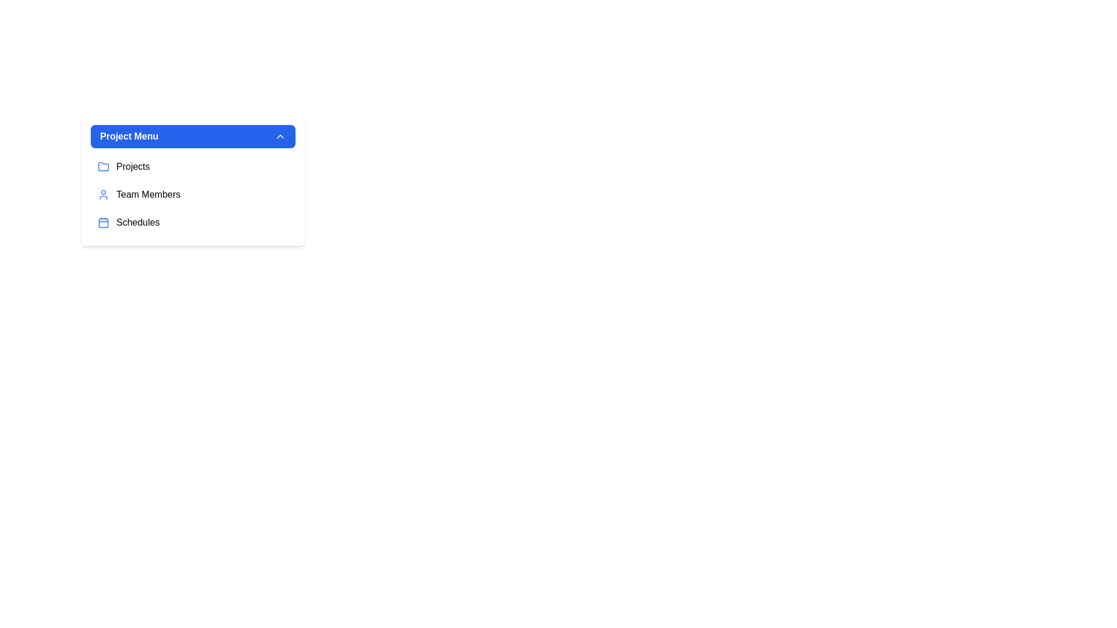 This screenshot has width=1117, height=628. I want to click on the 'Project Menu' button to toggle the menu's open/close state, so click(193, 136).